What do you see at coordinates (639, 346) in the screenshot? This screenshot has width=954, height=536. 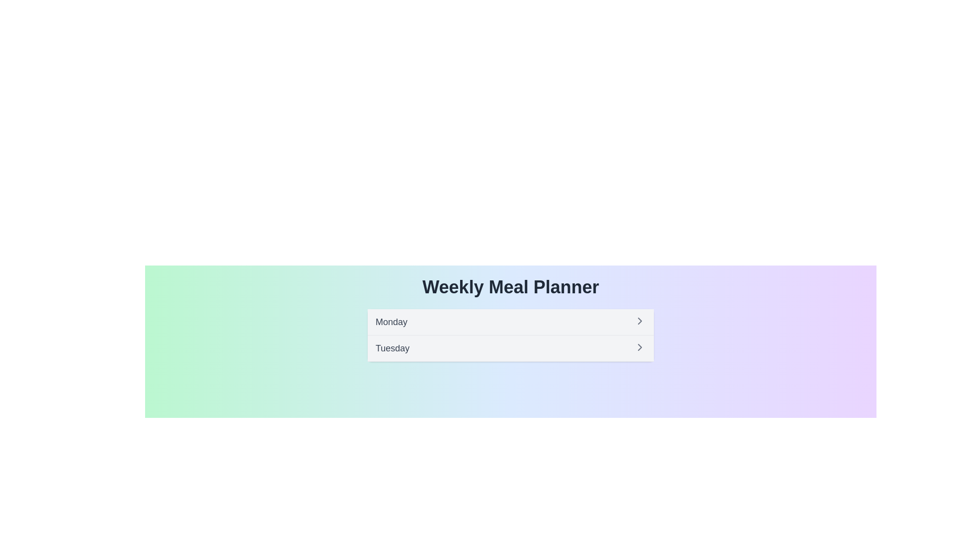 I see `the rightwards-pointing chevron icon associated with the second list item labeled 'Tuesday'` at bounding box center [639, 346].